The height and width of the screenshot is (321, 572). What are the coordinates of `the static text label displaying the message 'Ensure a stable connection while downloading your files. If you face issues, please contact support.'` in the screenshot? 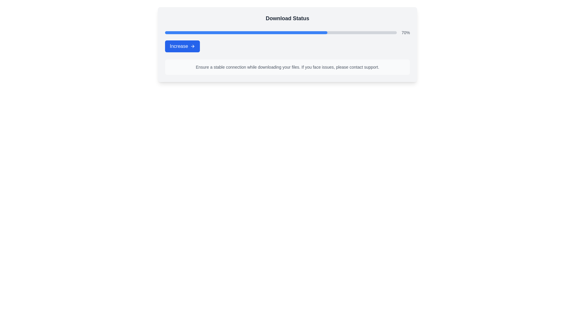 It's located at (287, 67).